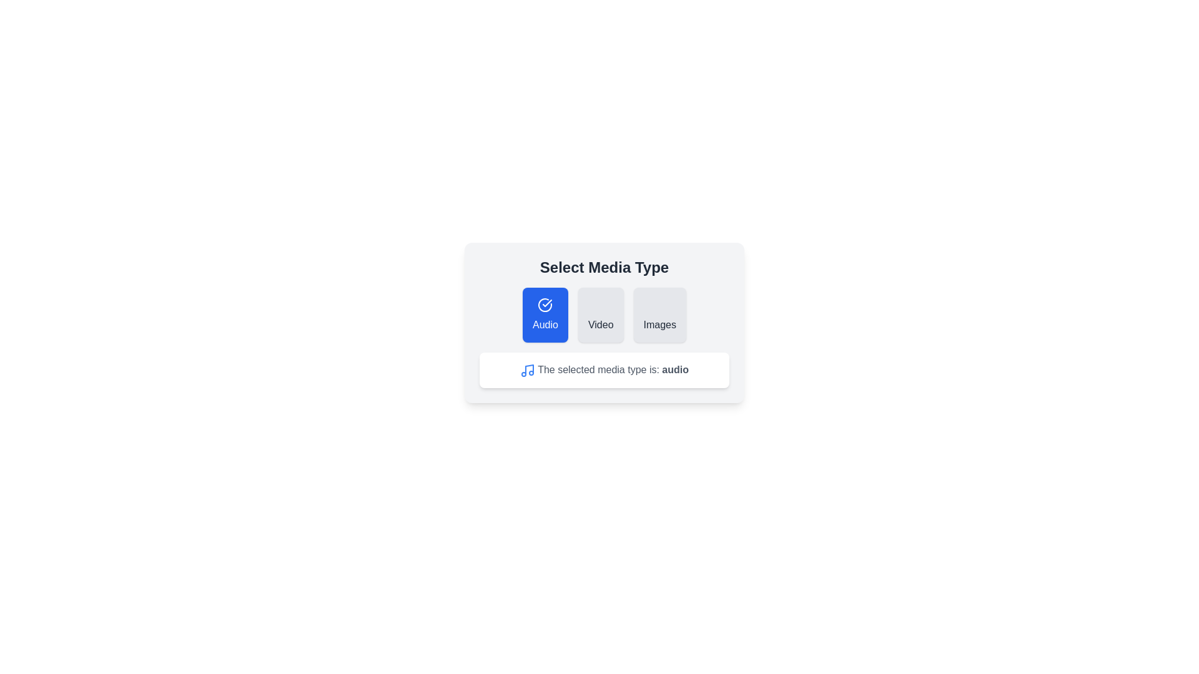 The image size is (1199, 674). What do you see at coordinates (604, 369) in the screenshot?
I see `the informational text display that indicates the selected media type, which states 'The selected media type is: audio' and is accompanied by a blue music note icon` at bounding box center [604, 369].